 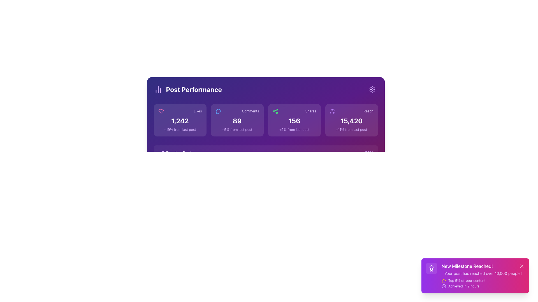 What do you see at coordinates (180, 120) in the screenshot?
I see `displayed text from the 'Likes' statistical display card, which shows the number '1,242' in bold white font and the subtitle '+19% from last post' in small purple text` at bounding box center [180, 120].